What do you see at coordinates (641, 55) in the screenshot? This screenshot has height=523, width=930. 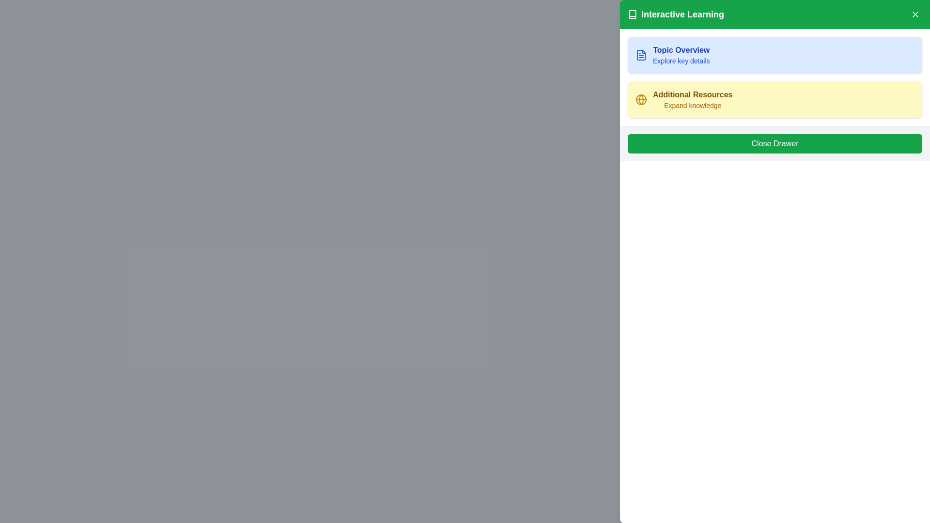 I see `the blue document icon located in the topmost section labeled 'Topic Overview' on the right-side panel` at bounding box center [641, 55].